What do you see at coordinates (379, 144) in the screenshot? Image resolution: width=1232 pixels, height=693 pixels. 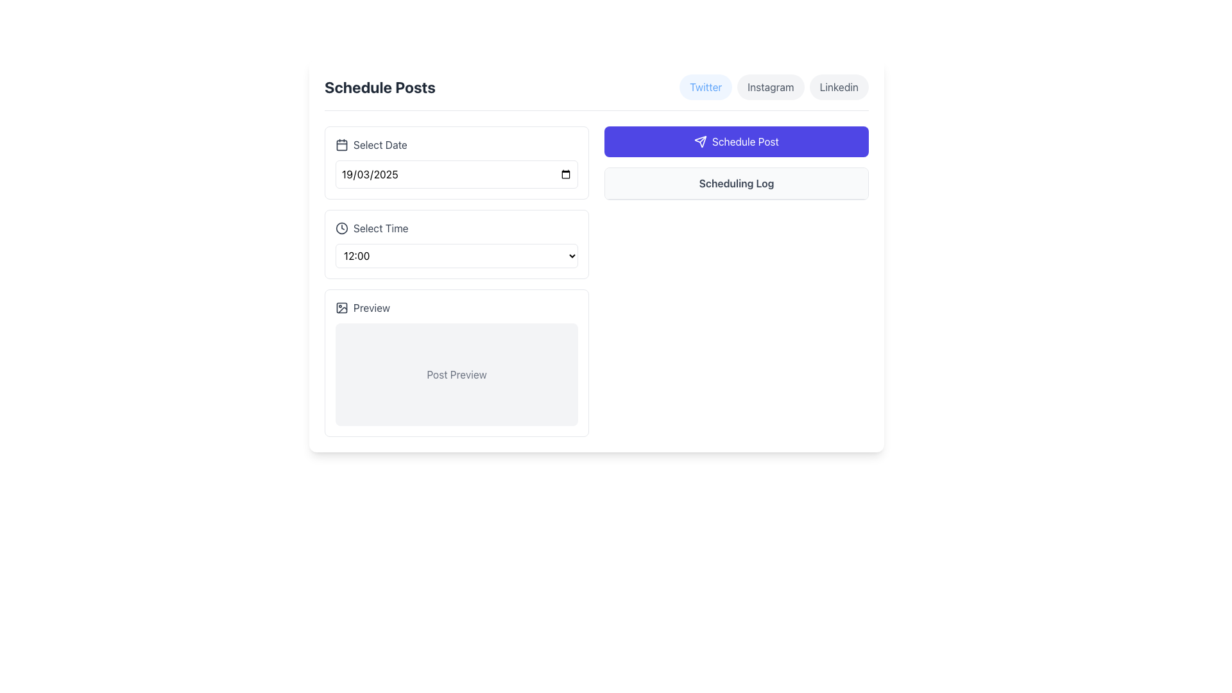 I see `the text label displaying 'Select Date' which is styled in gray and located above a date input field, positioned near a calendar icon` at bounding box center [379, 144].